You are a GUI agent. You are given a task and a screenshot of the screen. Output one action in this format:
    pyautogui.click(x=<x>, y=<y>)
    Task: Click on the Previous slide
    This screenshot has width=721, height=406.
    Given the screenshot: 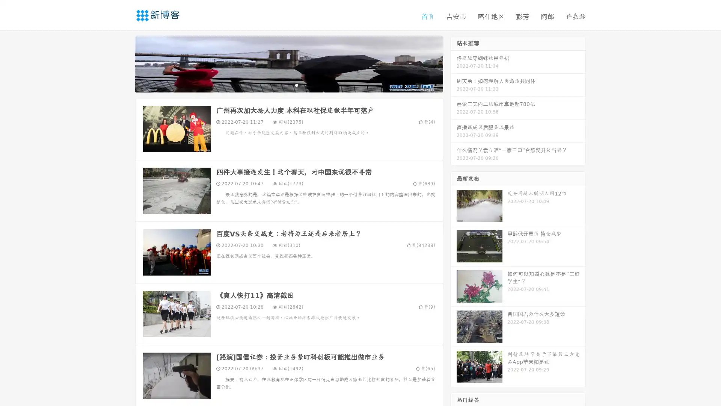 What is the action you would take?
    pyautogui.click(x=124, y=63)
    